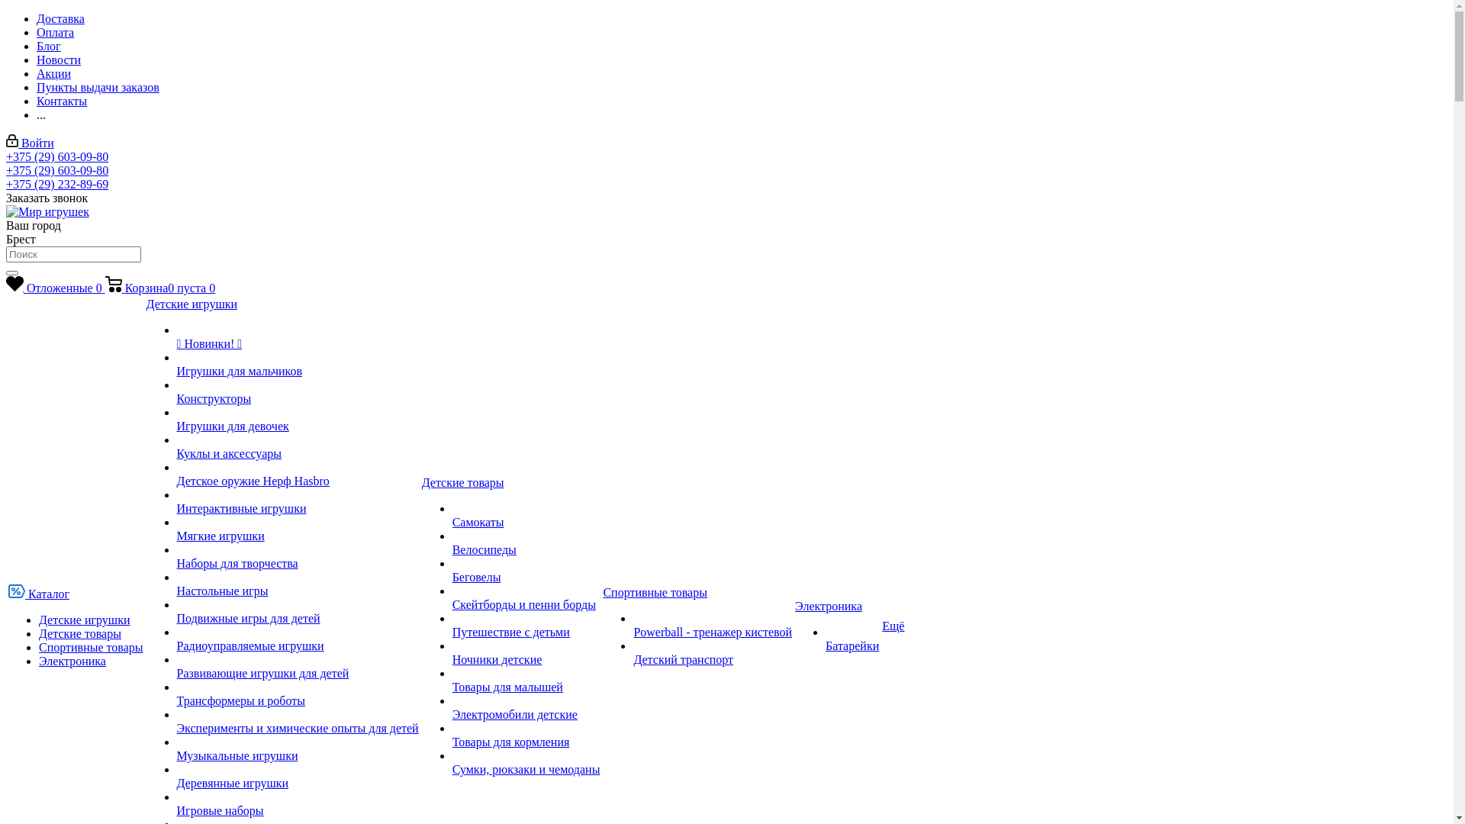 This screenshot has height=824, width=1465. I want to click on '+375 (29) 232-89-69', so click(6, 183).